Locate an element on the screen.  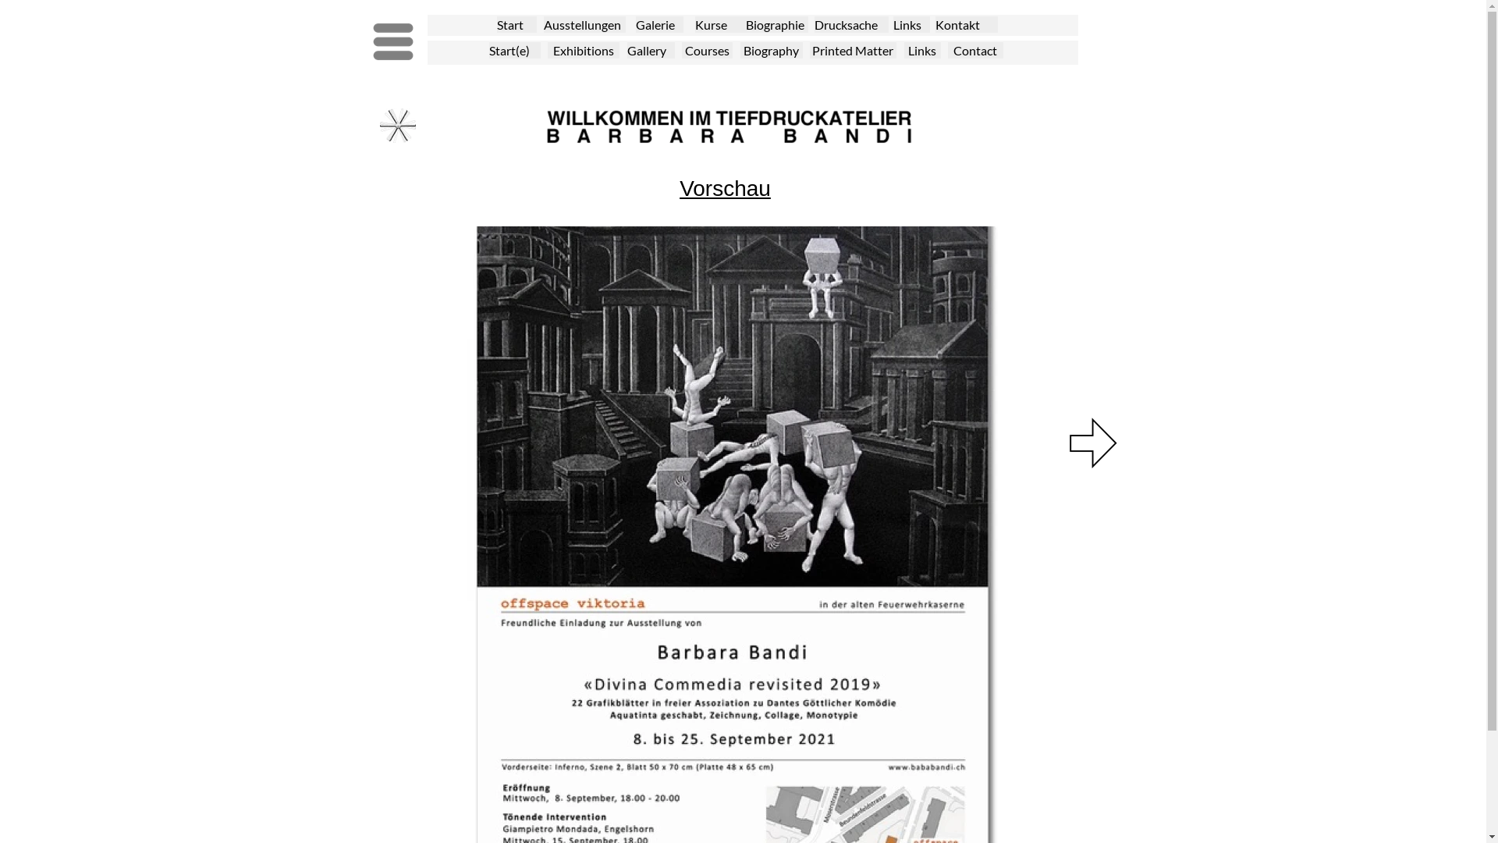
'Biographie' is located at coordinates (744, 25).